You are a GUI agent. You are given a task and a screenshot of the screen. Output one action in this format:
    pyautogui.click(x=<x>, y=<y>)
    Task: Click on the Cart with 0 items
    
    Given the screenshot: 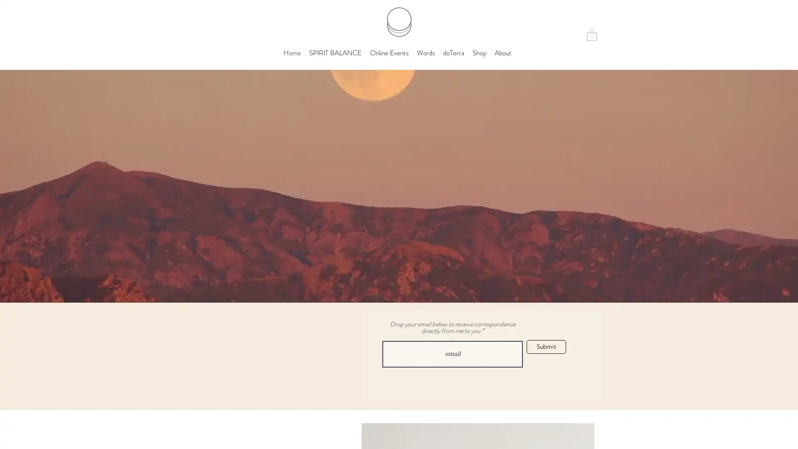 What is the action you would take?
    pyautogui.click(x=591, y=34)
    